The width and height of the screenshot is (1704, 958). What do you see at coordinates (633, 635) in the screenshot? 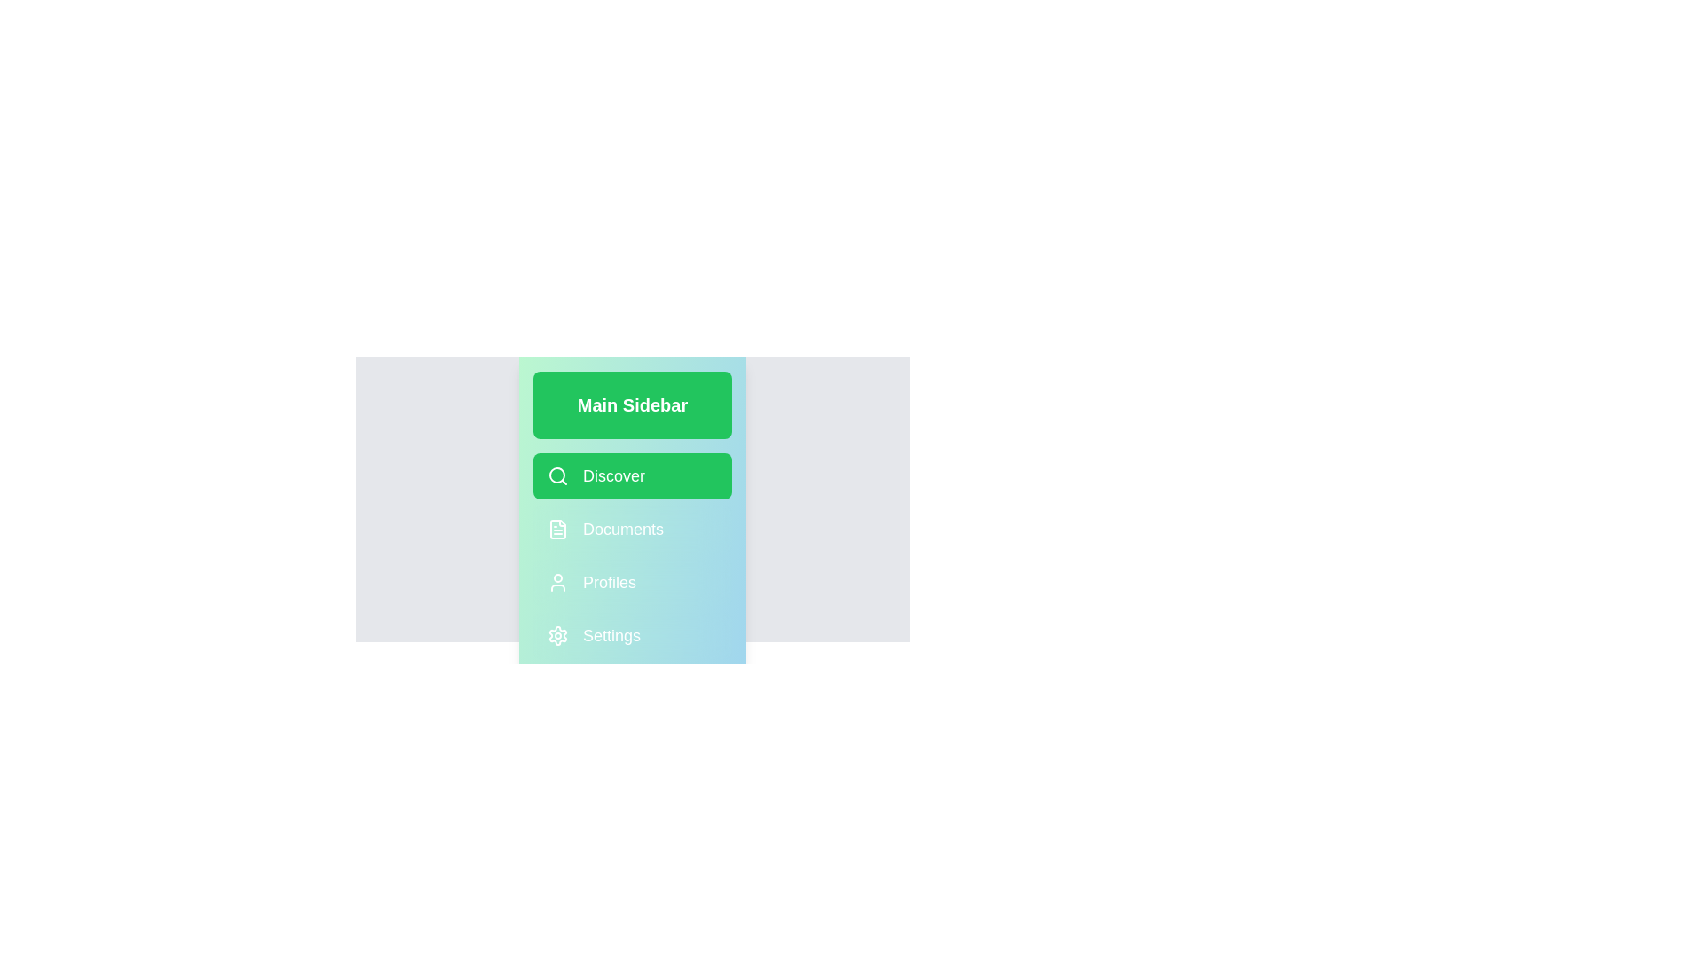
I see `the 'Settings' navigation button with a light blue background gradient` at bounding box center [633, 635].